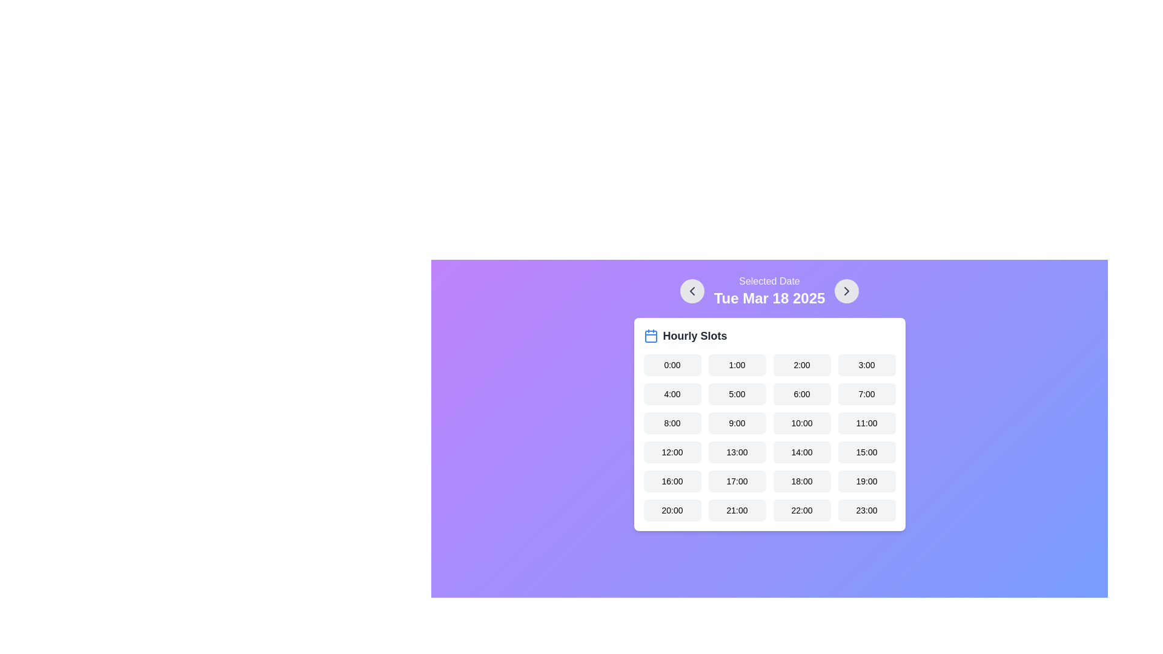  I want to click on the right navigation chevron arrow icon, so click(846, 291).